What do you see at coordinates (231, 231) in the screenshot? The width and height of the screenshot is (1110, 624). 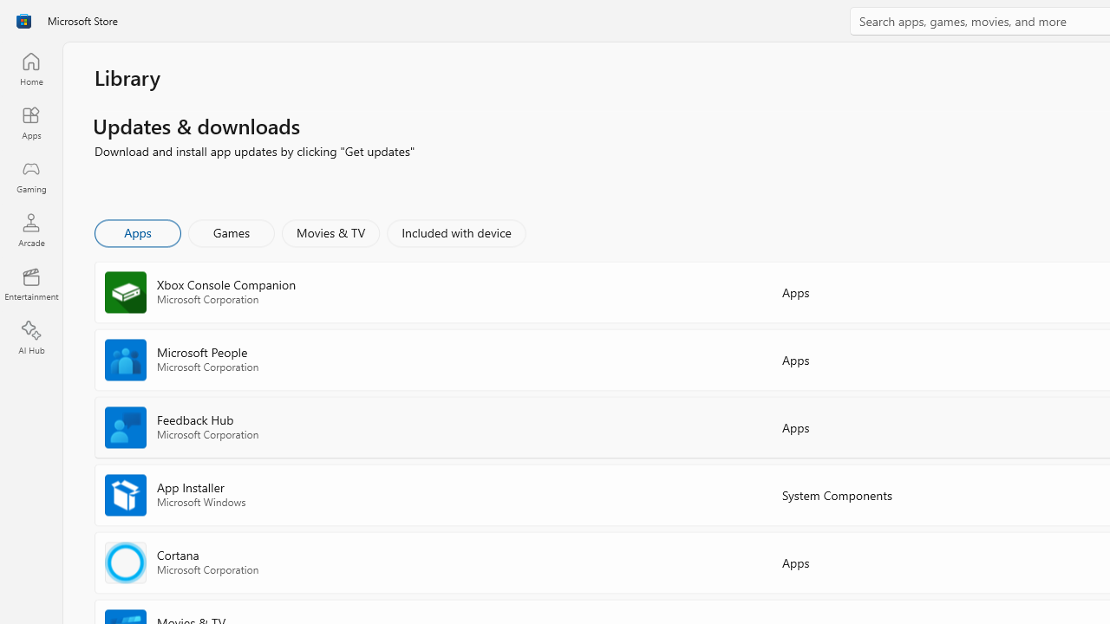 I see `'Games'` at bounding box center [231, 231].